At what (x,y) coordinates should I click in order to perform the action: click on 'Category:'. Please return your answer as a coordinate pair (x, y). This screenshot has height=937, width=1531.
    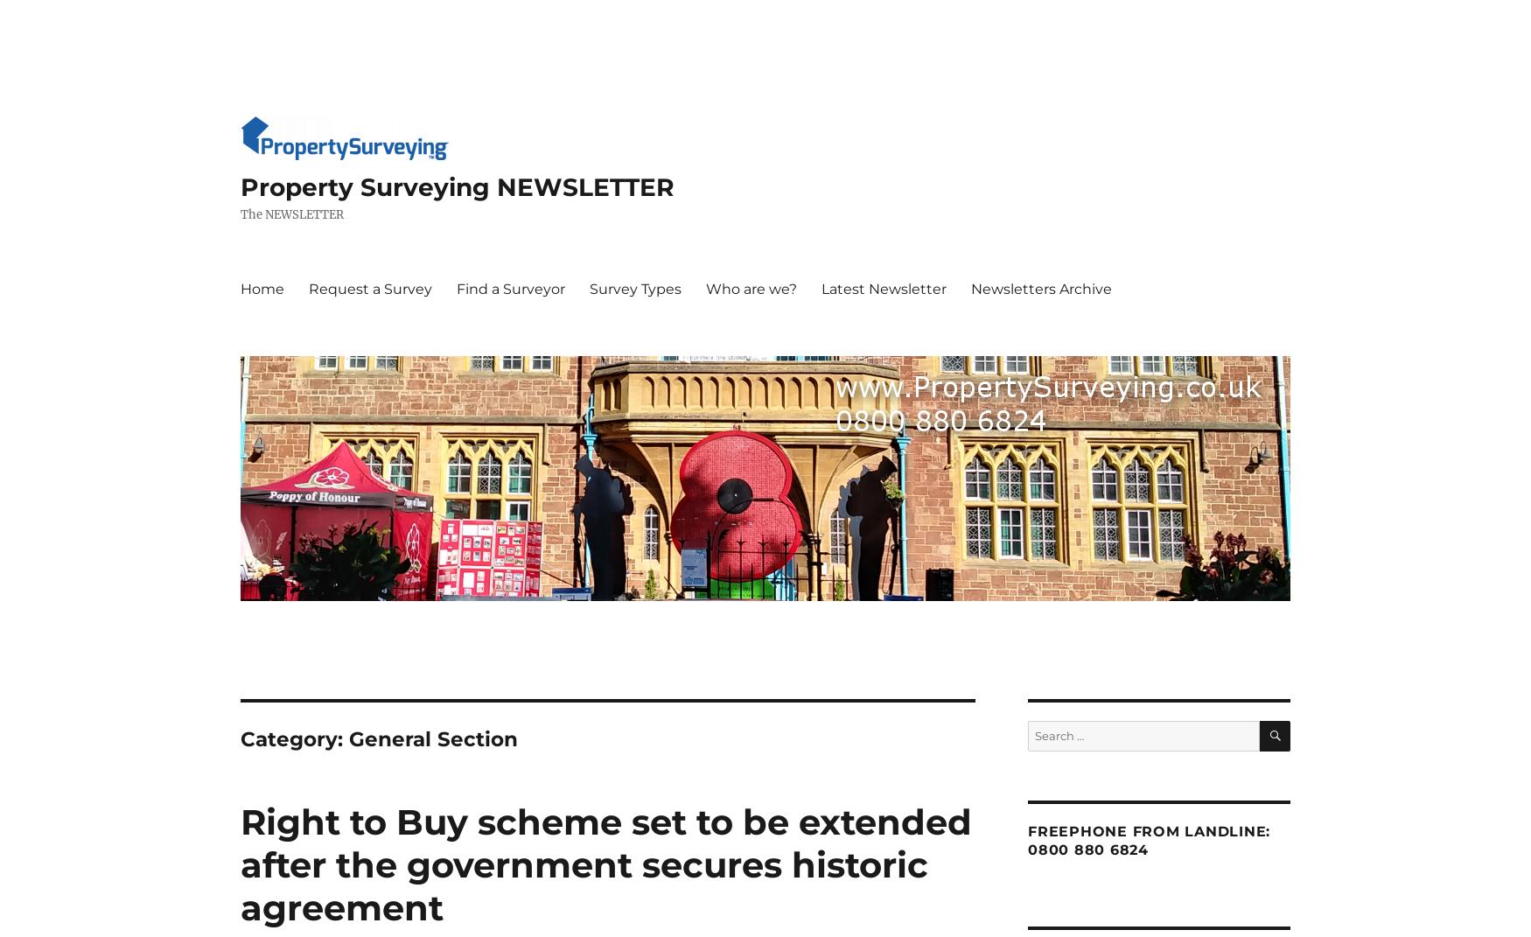
    Looking at the image, I should click on (239, 739).